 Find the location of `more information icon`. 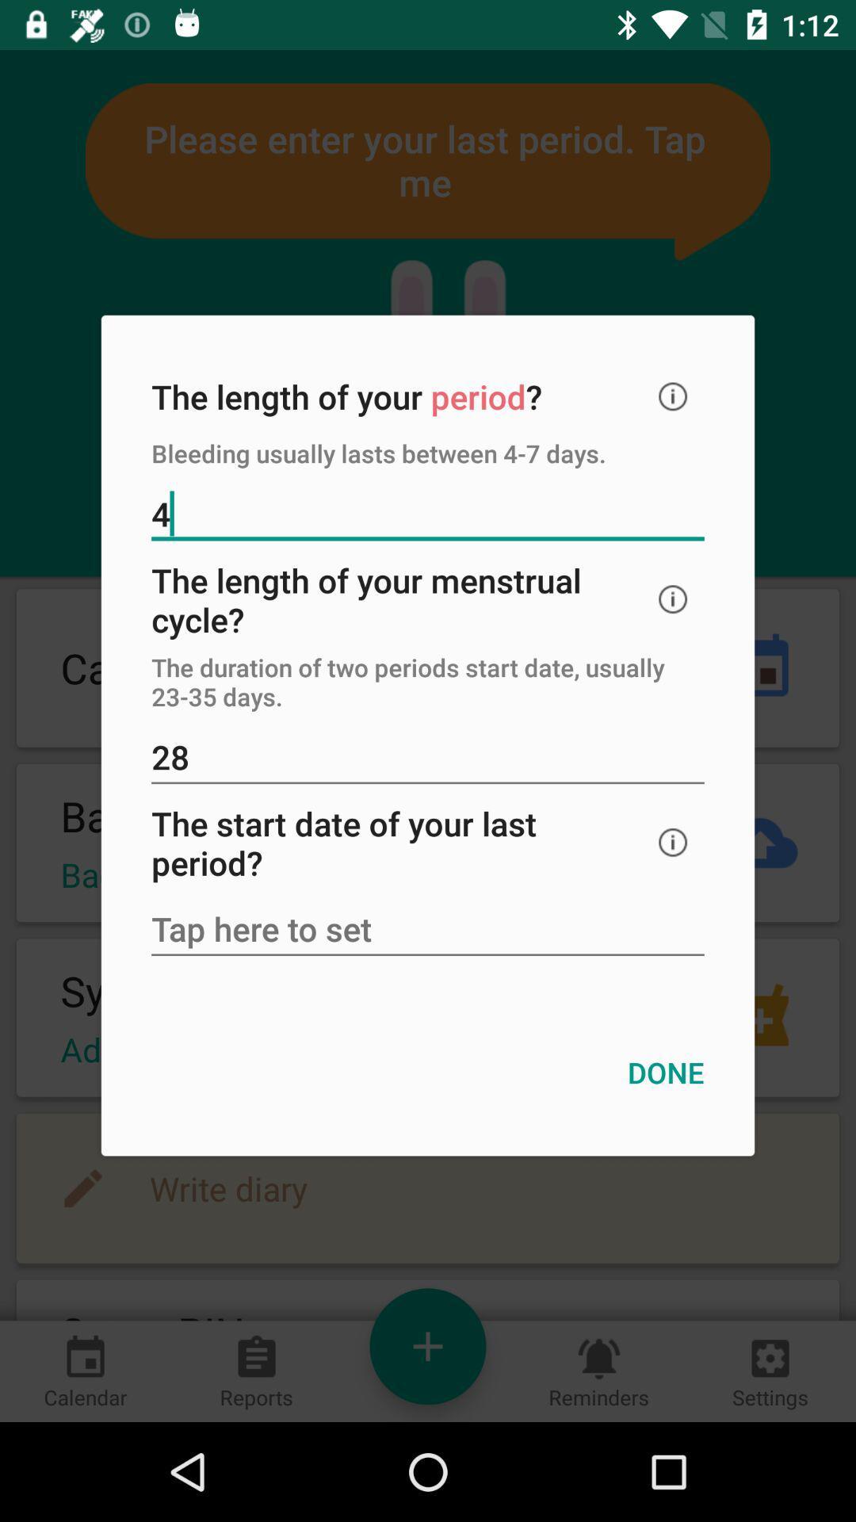

more information icon is located at coordinates (673, 396).